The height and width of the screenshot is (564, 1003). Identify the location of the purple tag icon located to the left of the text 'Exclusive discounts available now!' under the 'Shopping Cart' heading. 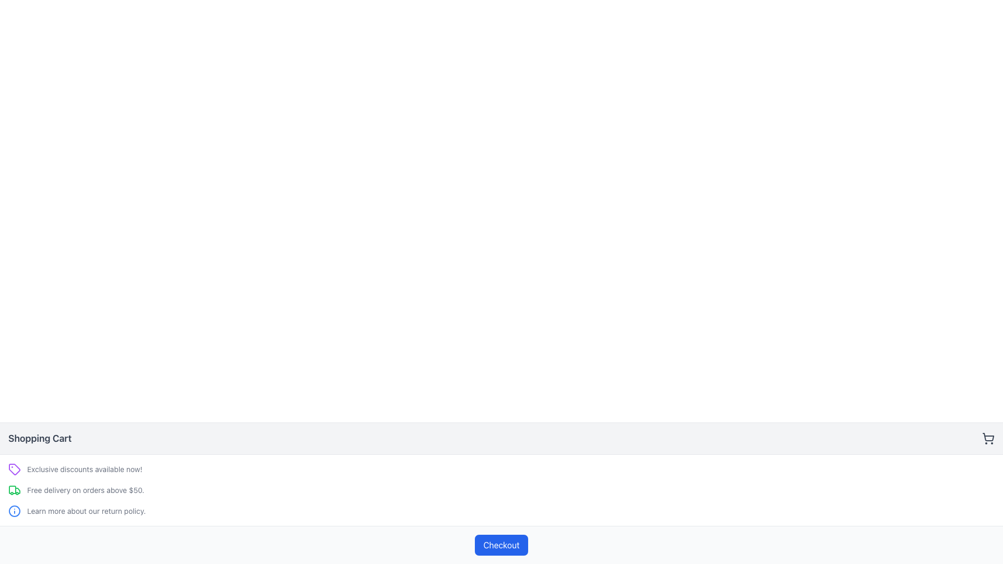
(15, 468).